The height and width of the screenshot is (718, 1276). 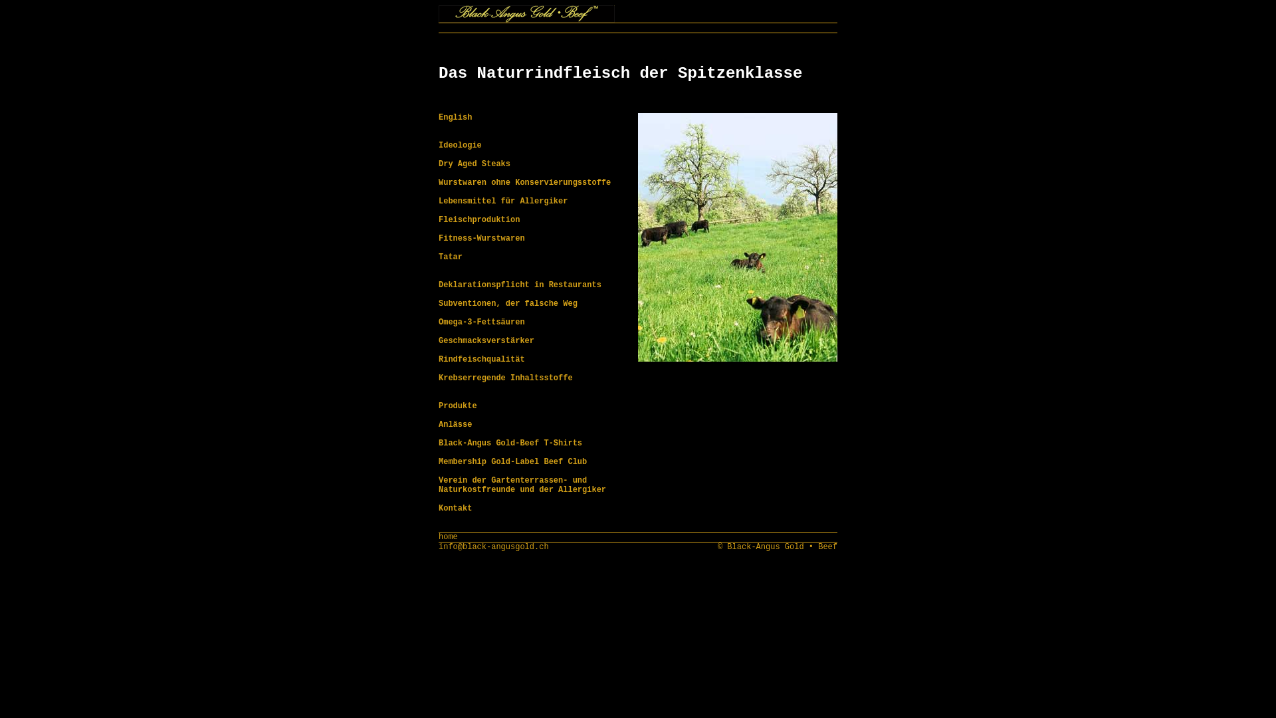 I want to click on 'Subventionen, der falsche Weg', so click(x=439, y=303).